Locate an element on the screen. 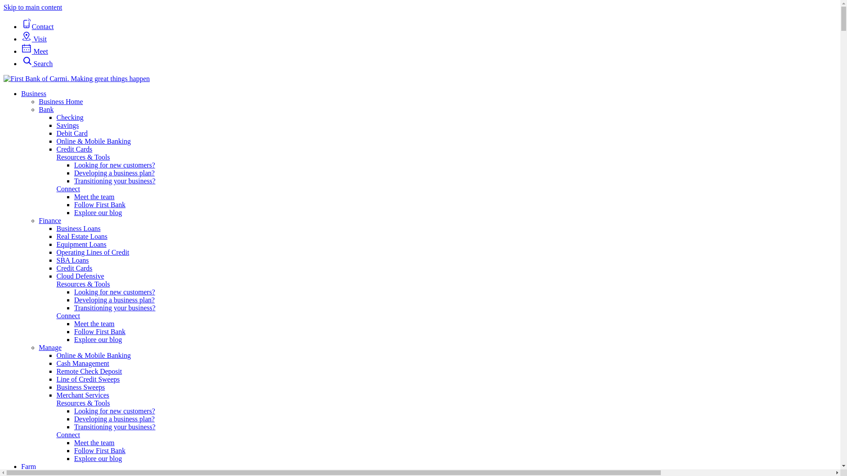 The image size is (847, 476). 'Meet the team' is located at coordinates (94, 443).